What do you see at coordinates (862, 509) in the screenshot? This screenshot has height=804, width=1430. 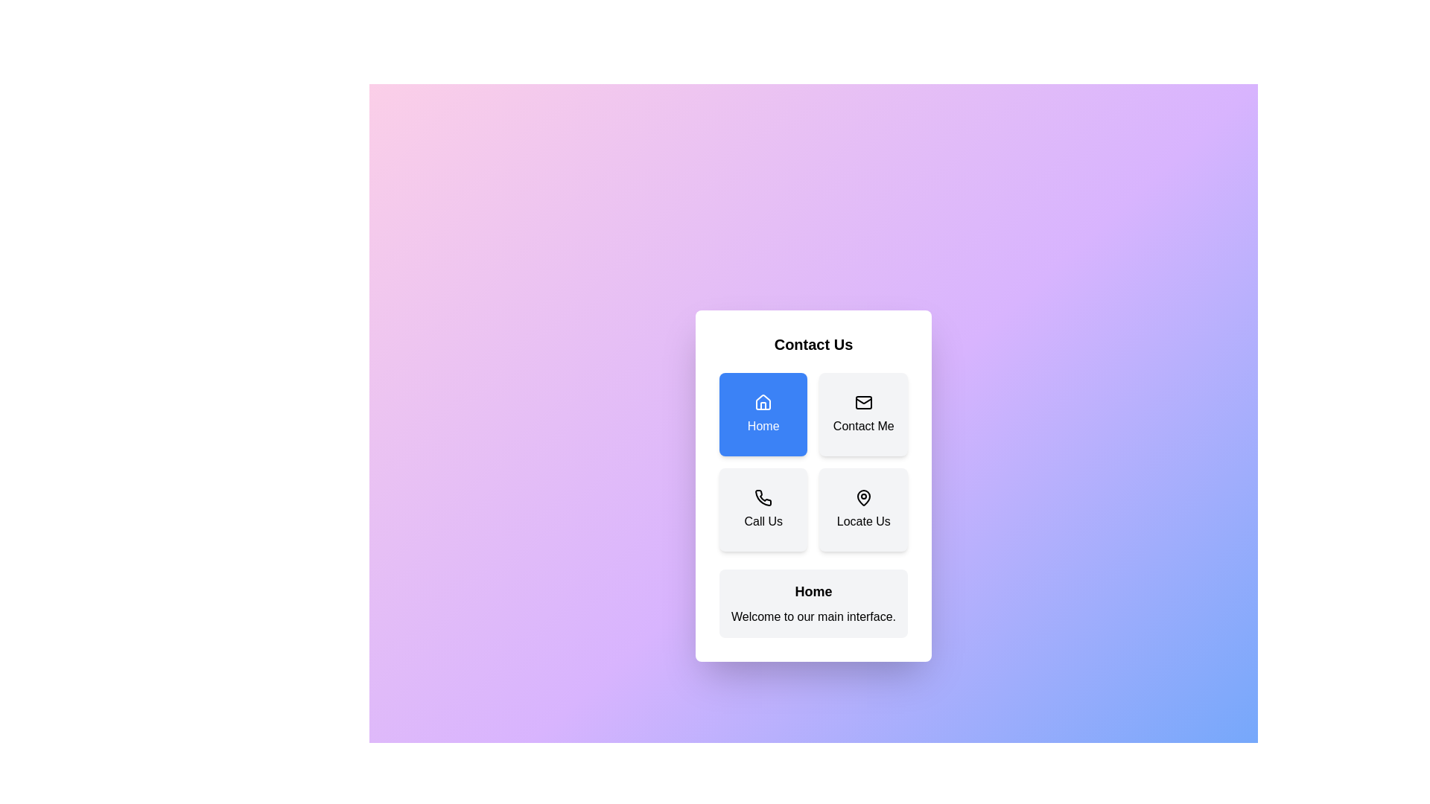 I see `the button corresponding to Locate Us to display its details` at bounding box center [862, 509].